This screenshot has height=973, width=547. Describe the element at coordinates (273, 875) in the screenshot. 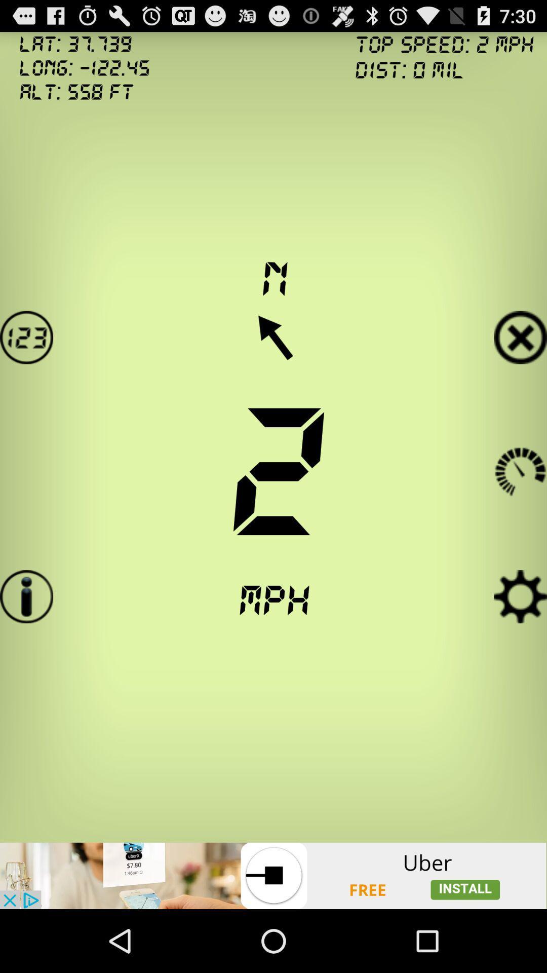

I see `advertisement` at that location.